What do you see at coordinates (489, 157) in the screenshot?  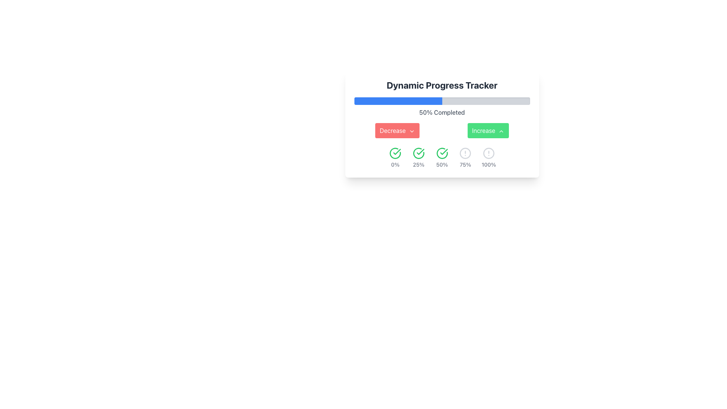 I see `the '100%' completion status label with icon located on the far right of the progress tracker interface` at bounding box center [489, 157].